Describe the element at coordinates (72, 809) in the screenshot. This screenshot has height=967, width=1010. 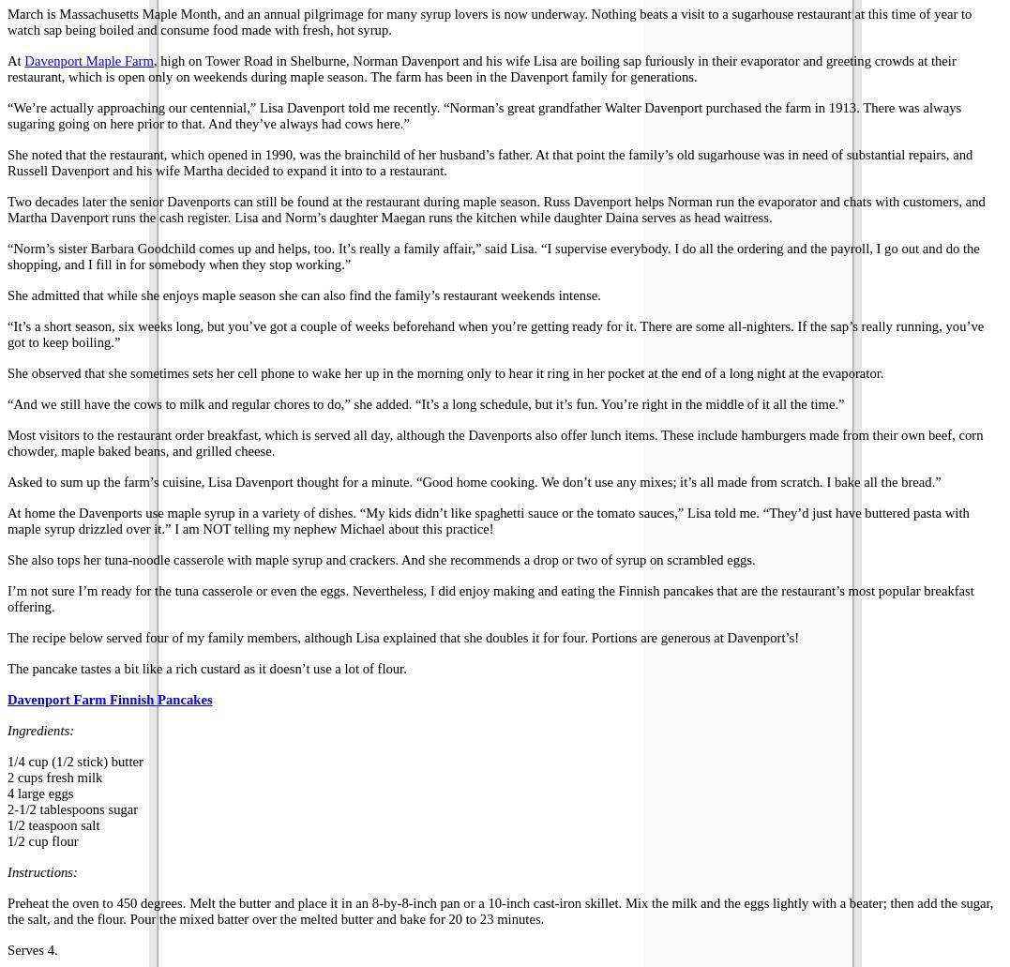
I see `'2-1/2 tablespoons sugar'` at that location.